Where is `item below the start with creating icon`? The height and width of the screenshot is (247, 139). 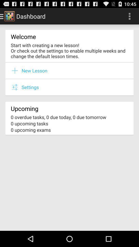
item below the start with creating icon is located at coordinates (69, 62).